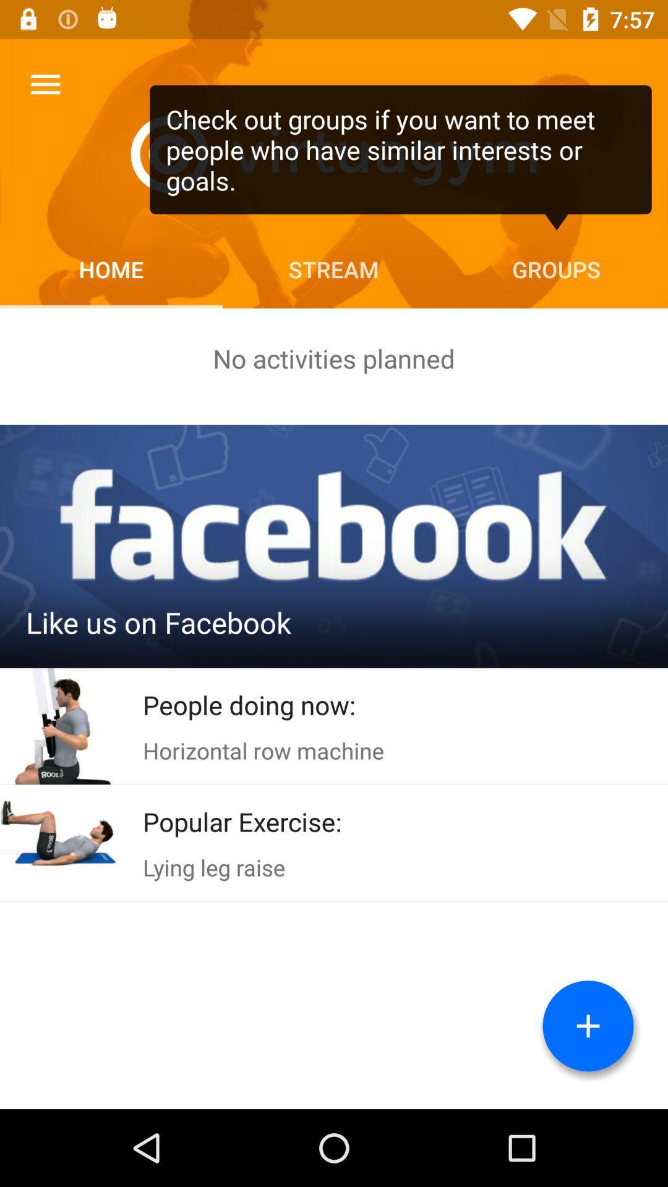 The width and height of the screenshot is (668, 1187). What do you see at coordinates (588, 1026) in the screenshot?
I see `the plus icon` at bounding box center [588, 1026].